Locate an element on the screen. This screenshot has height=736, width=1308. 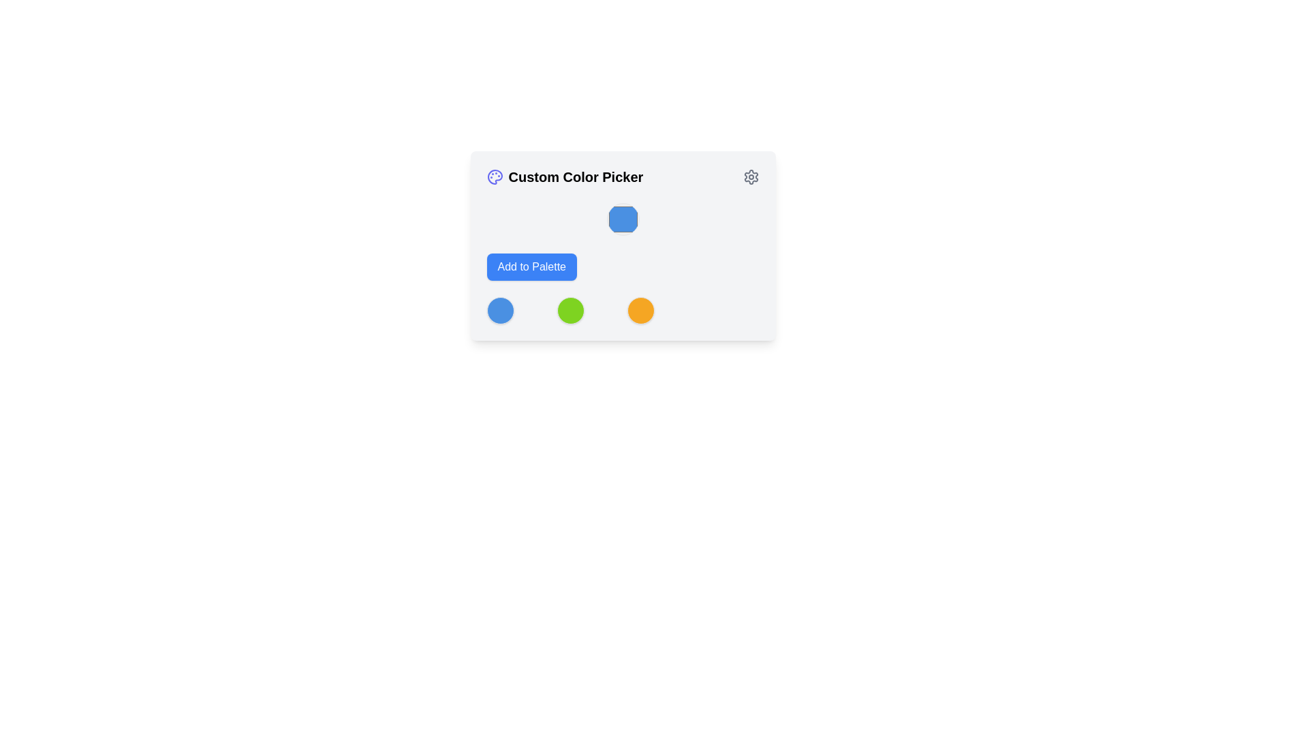
the second circular color selection button representing green within the 'Custom Color Picker' layout is located at coordinates (570, 310).